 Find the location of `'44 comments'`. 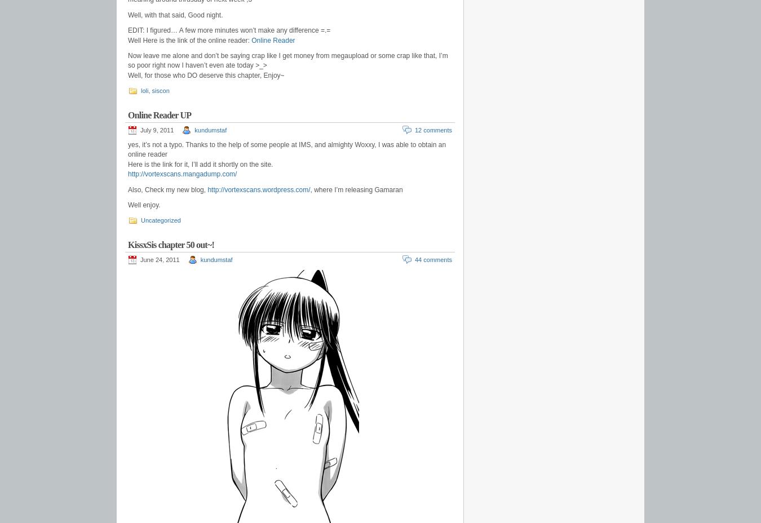

'44 comments' is located at coordinates (432, 260).